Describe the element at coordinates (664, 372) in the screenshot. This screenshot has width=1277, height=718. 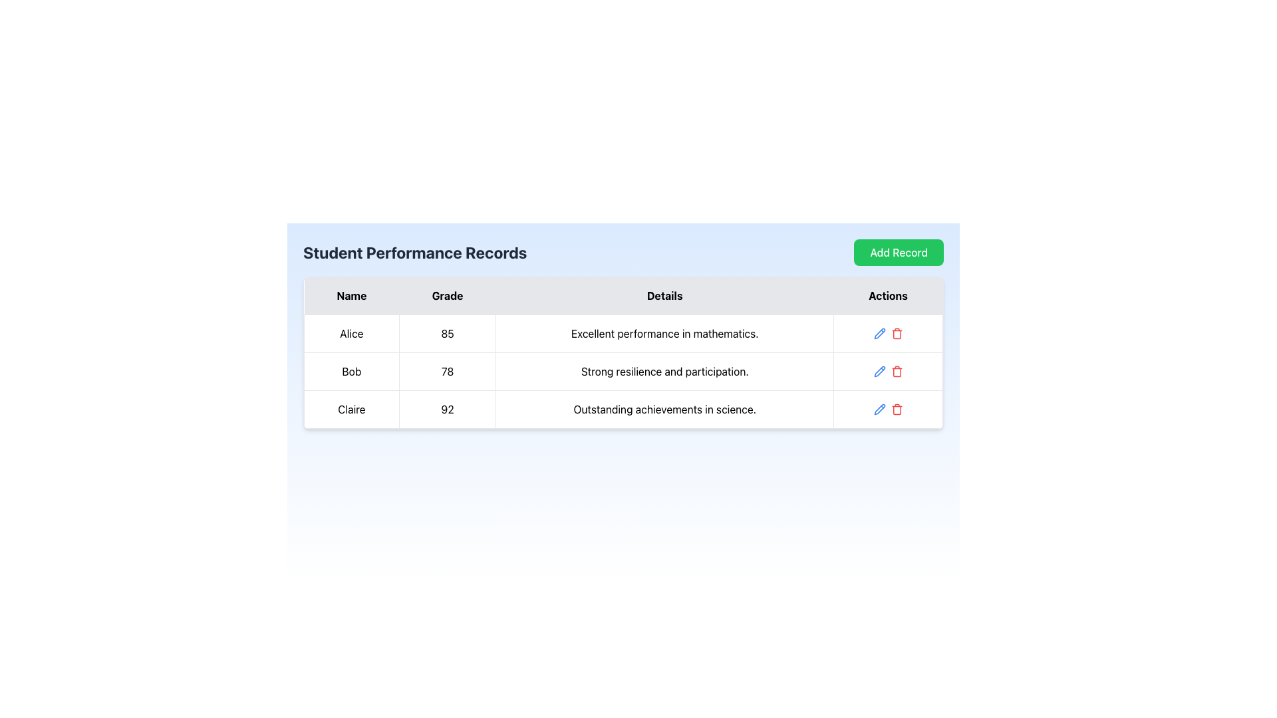
I see `the static text displaying 'Strong resilience and participation.' located in the second row of the table, third column under 'Details.'` at that location.